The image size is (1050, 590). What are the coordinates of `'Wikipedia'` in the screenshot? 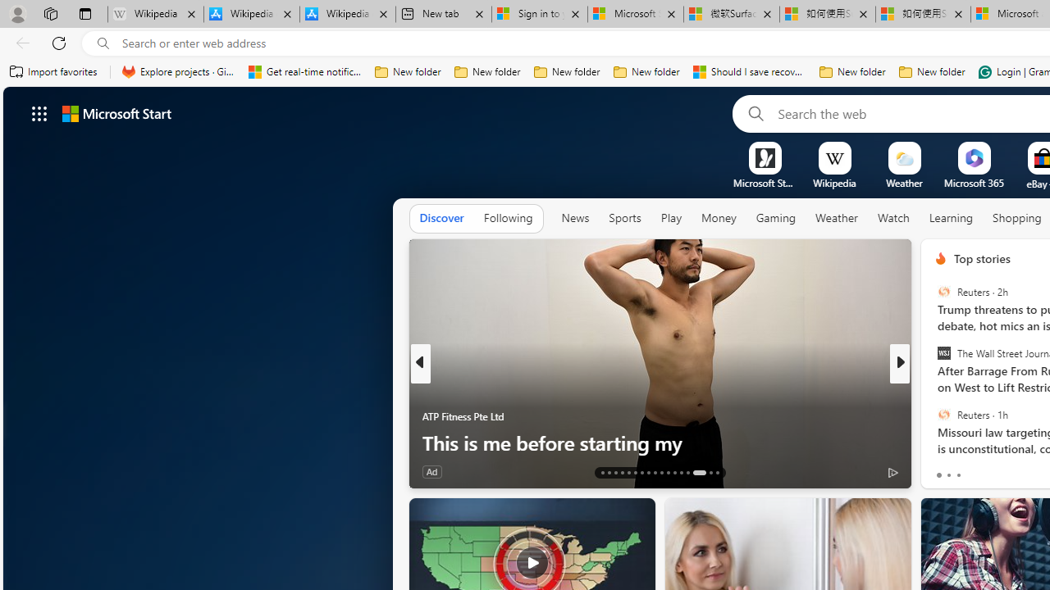 It's located at (834, 183).